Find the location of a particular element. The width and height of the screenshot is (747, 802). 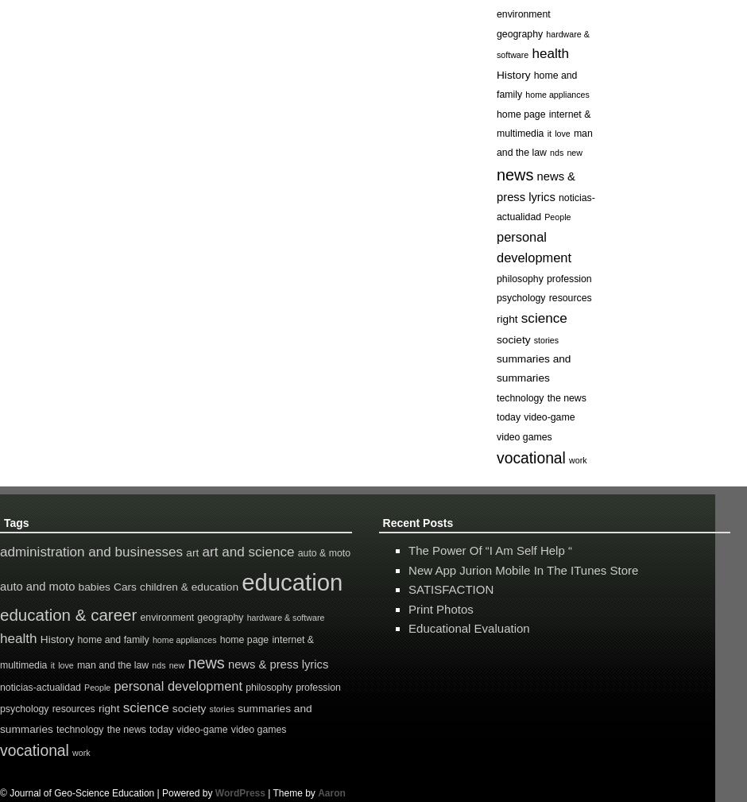

'children & education' is located at coordinates (188, 587).